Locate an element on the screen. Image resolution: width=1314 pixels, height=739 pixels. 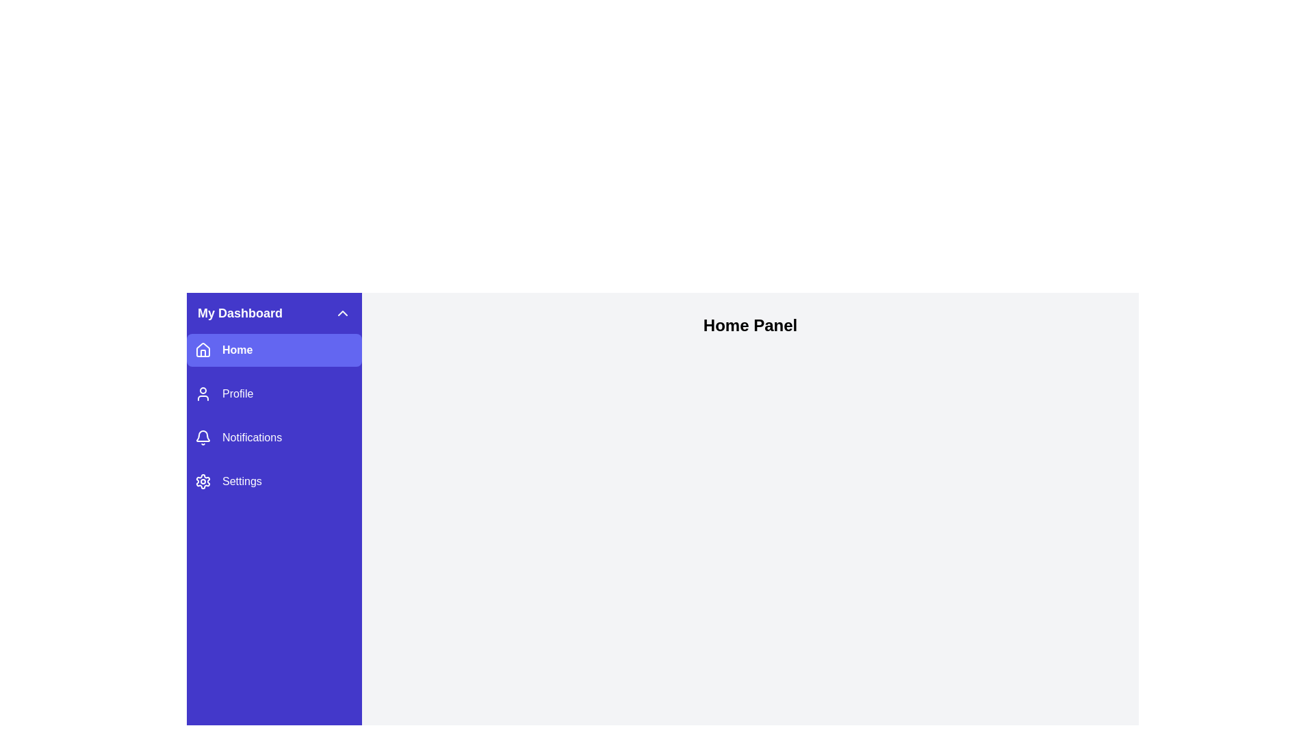
the bell-shaped icon in the left navigation menu is located at coordinates (203, 436).